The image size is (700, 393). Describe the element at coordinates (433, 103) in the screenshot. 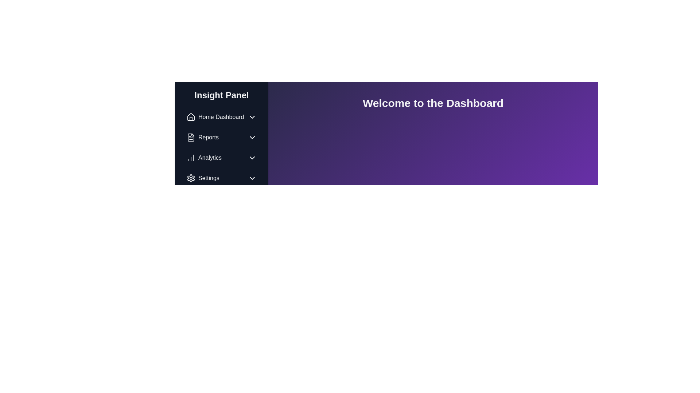

I see `the Text Display element at the top-center of the dashboard interface, which serves as a title or welcoming message, located in the header section with a purple background` at that location.